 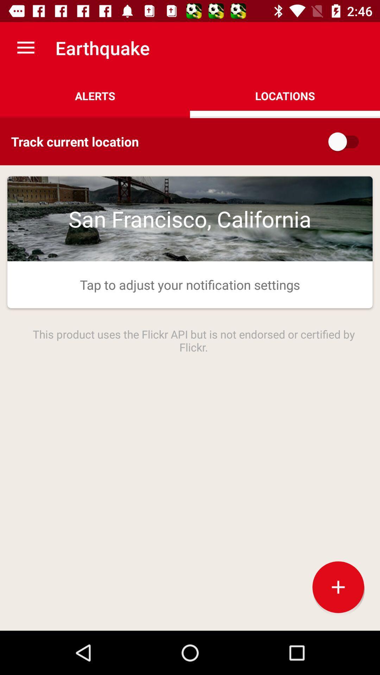 What do you see at coordinates (95, 96) in the screenshot?
I see `app to the left of the locations app` at bounding box center [95, 96].